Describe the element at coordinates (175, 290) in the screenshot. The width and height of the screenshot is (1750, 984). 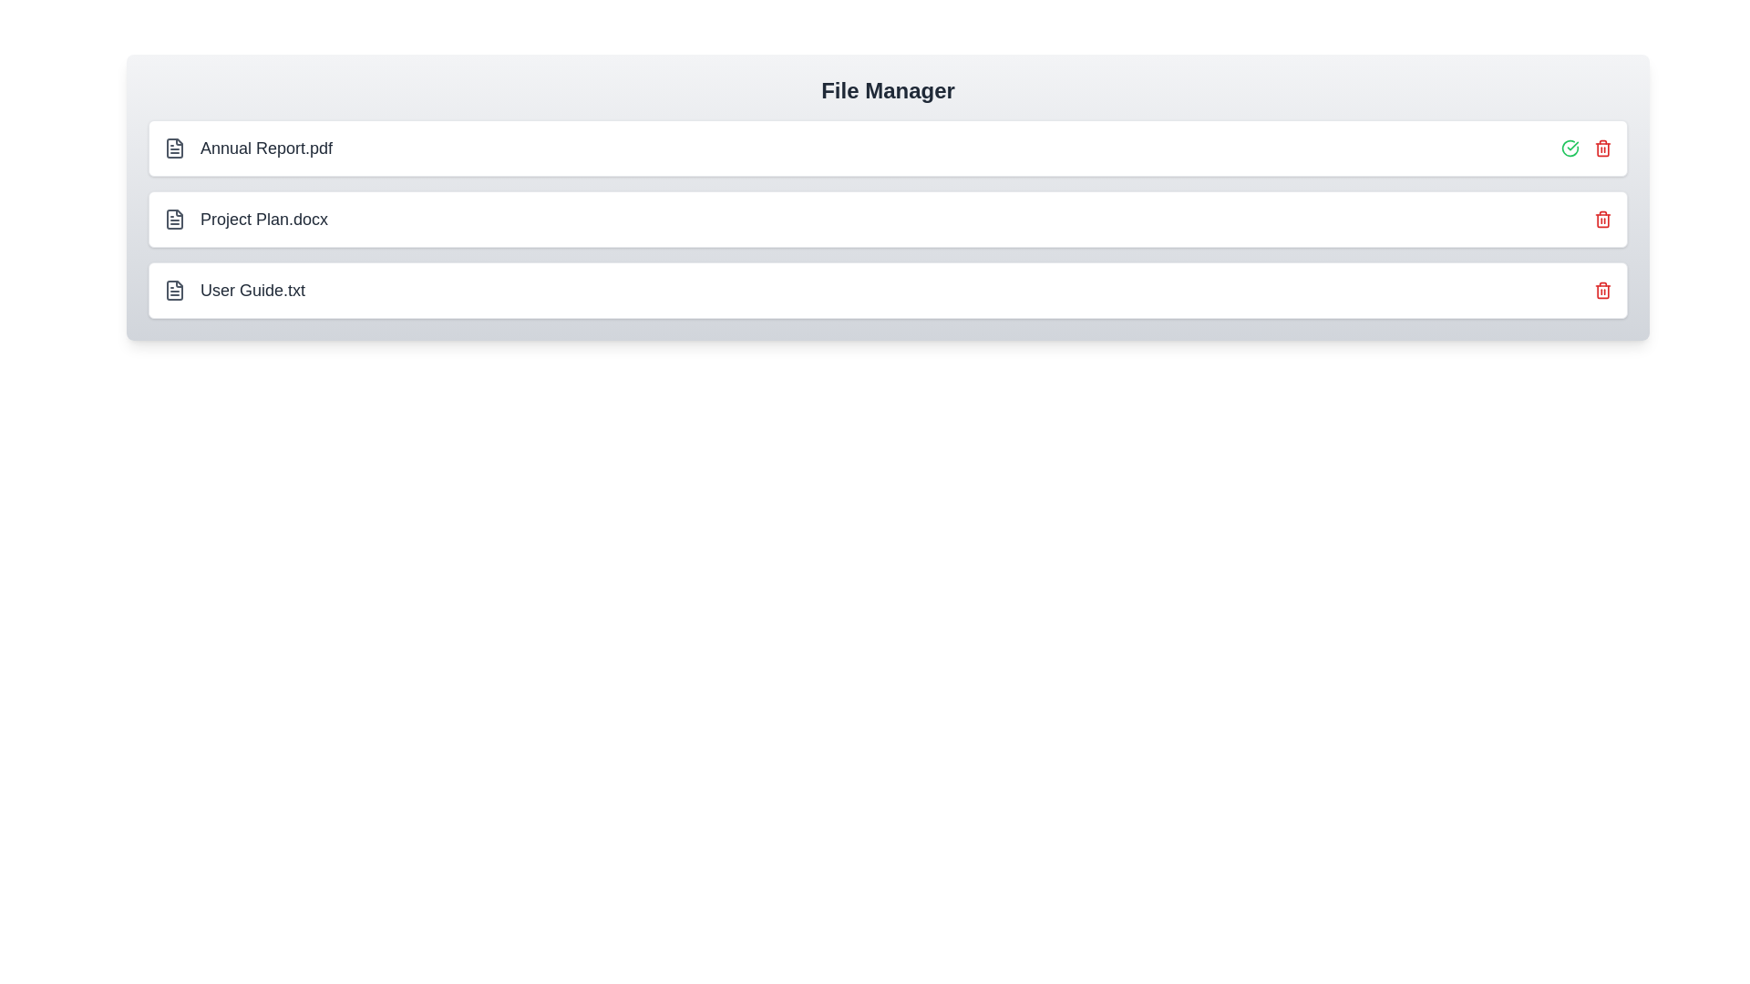
I see `the visual indicator icon that represents the 'User Guide.txt' text file, located on the left side of the file entry` at that location.